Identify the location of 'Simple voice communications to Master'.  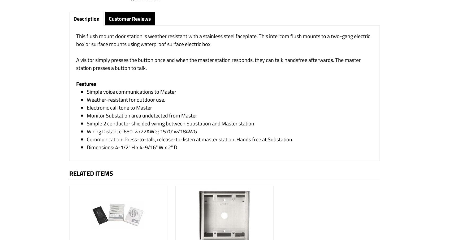
(87, 91).